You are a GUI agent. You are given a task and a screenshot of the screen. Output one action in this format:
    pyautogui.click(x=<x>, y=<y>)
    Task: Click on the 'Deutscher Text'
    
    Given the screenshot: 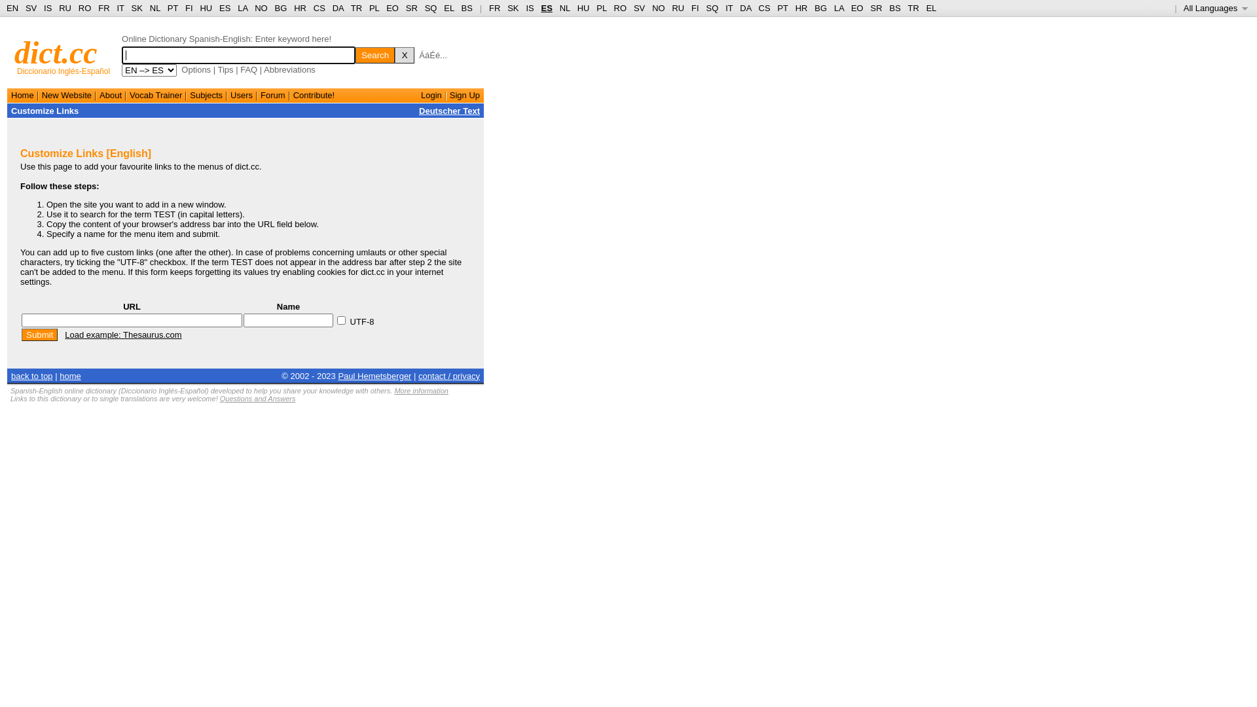 What is the action you would take?
    pyautogui.click(x=449, y=110)
    